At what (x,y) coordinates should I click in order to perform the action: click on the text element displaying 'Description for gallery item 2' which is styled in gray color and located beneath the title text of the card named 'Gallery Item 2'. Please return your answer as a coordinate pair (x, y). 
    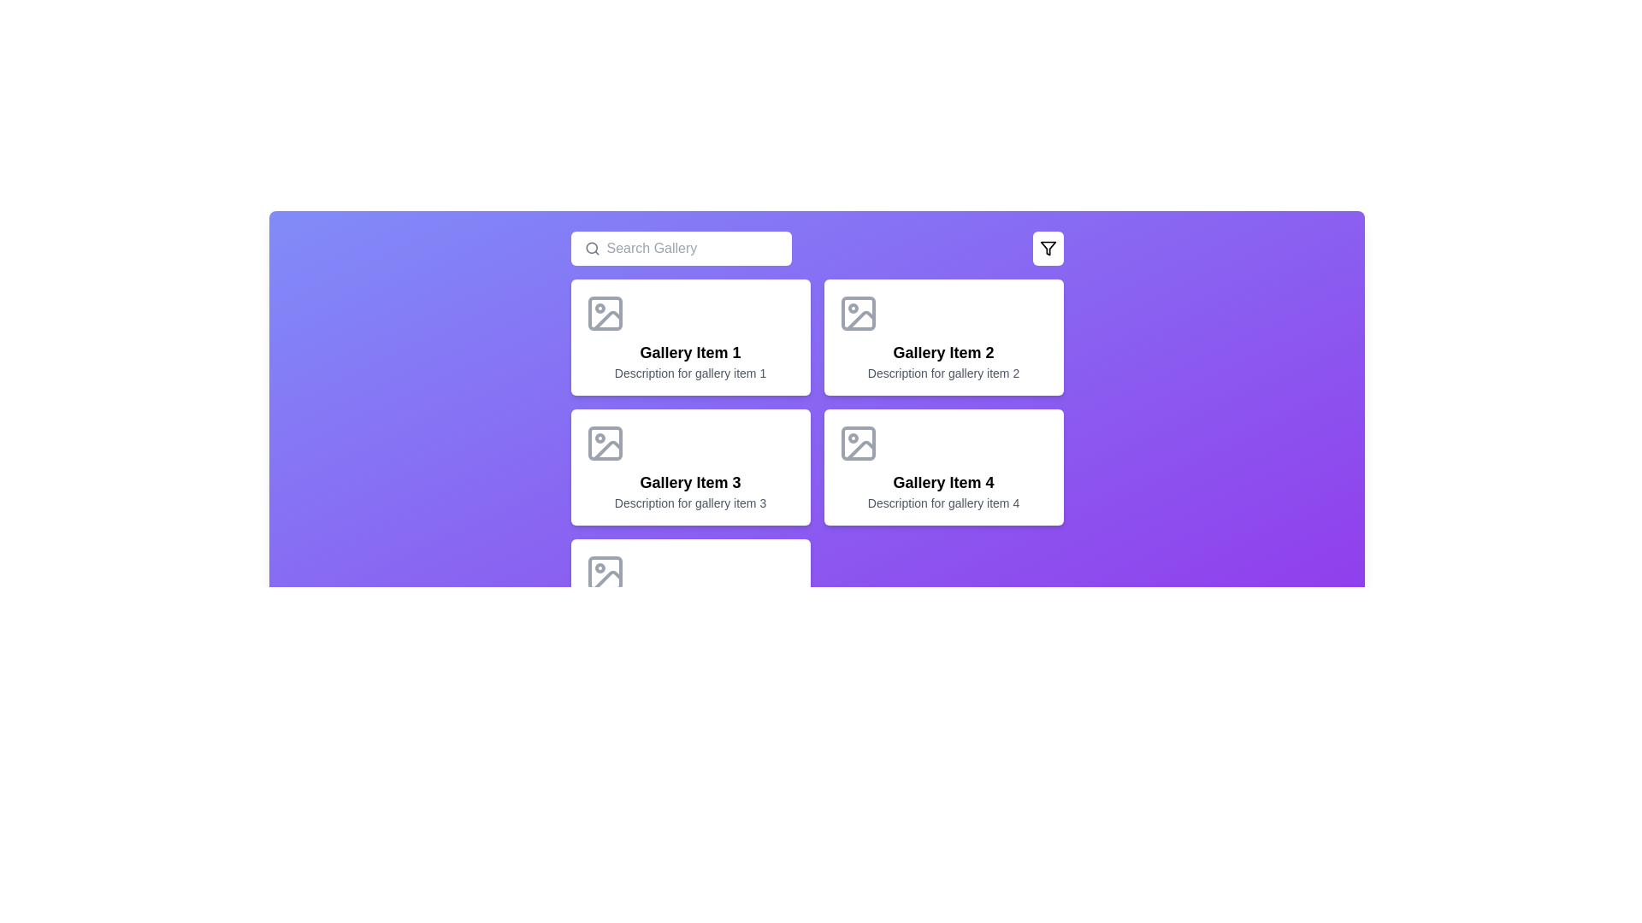
    Looking at the image, I should click on (942, 372).